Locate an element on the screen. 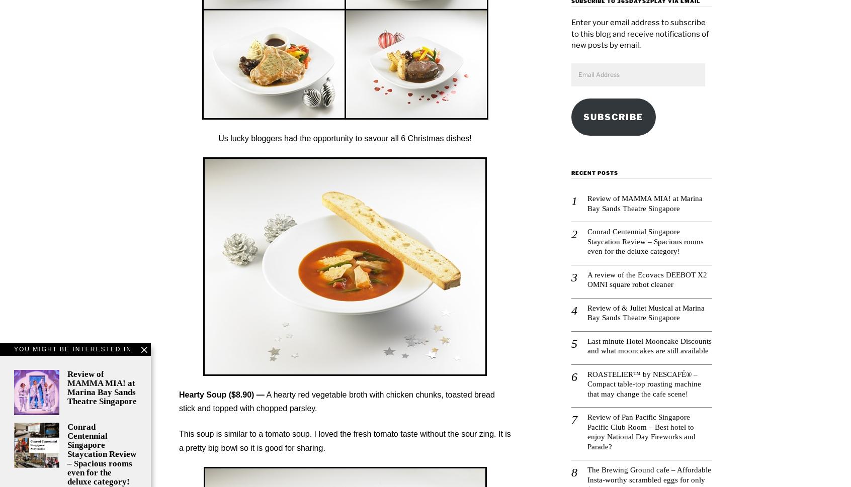 The image size is (851, 487). 'Us lucky bloggers had the opportunity to savour all 6 Christmas dishes!' is located at coordinates (345, 138).